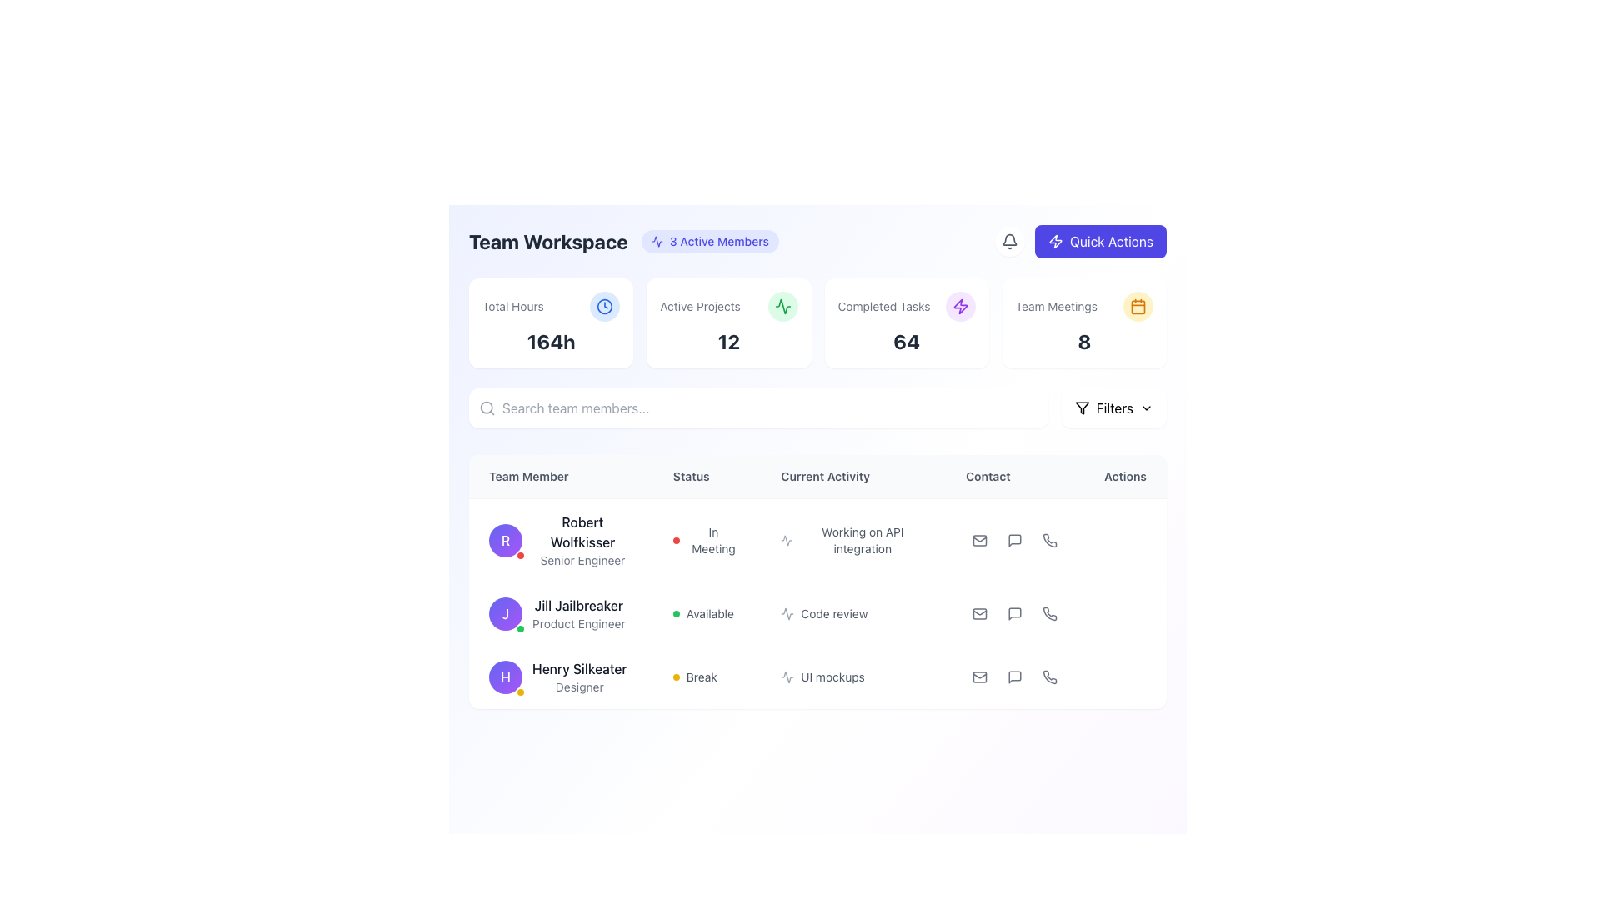  Describe the element at coordinates (1014, 540) in the screenshot. I see `the second button in the horizontal row of three icons under the 'Contact' column` at that location.